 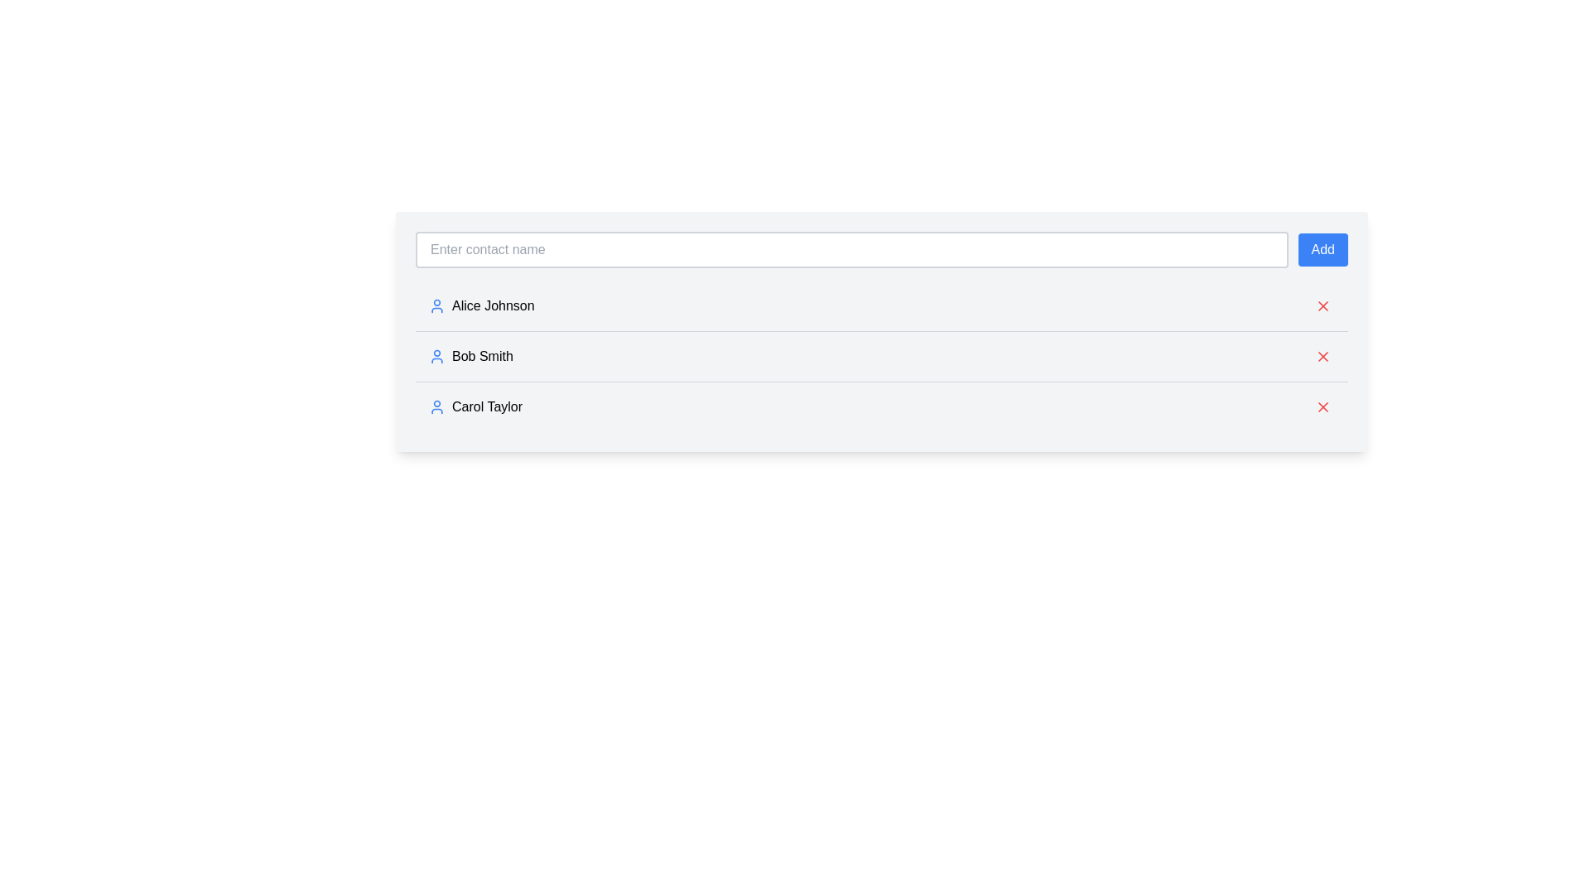 I want to click on the delete button associated with the item labeled 'Alice Johnson', located on the right side of the row containing the name, so click(x=1323, y=306).